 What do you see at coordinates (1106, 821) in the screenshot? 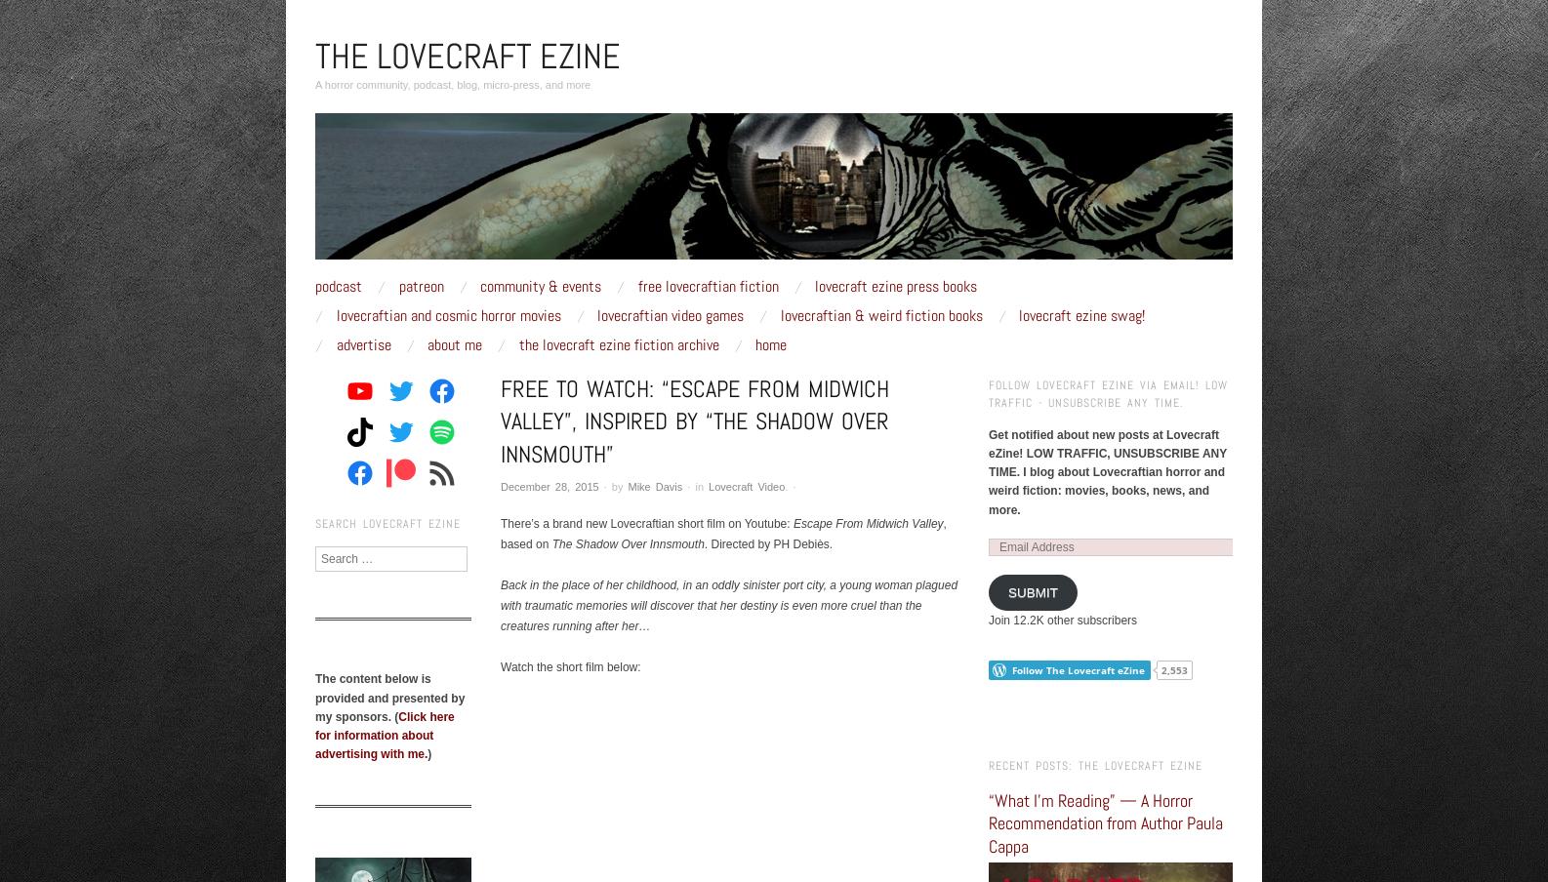
I see `'“What I’m Reading” — A Horror Recommendation from Author Paula Cappa'` at bounding box center [1106, 821].